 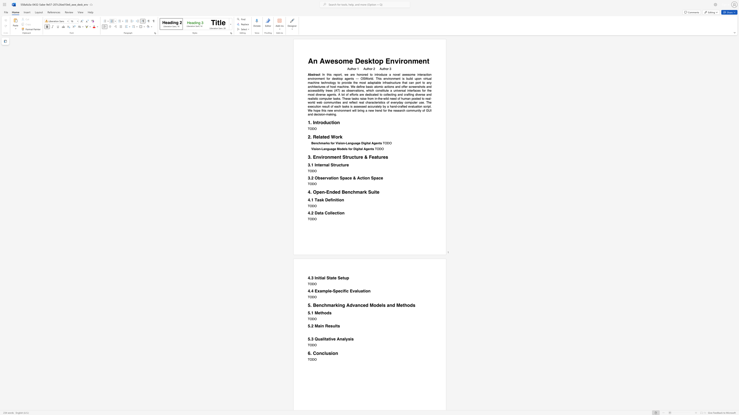 What do you see at coordinates (359, 291) in the screenshot?
I see `the 1th character "u" in the text` at bounding box center [359, 291].